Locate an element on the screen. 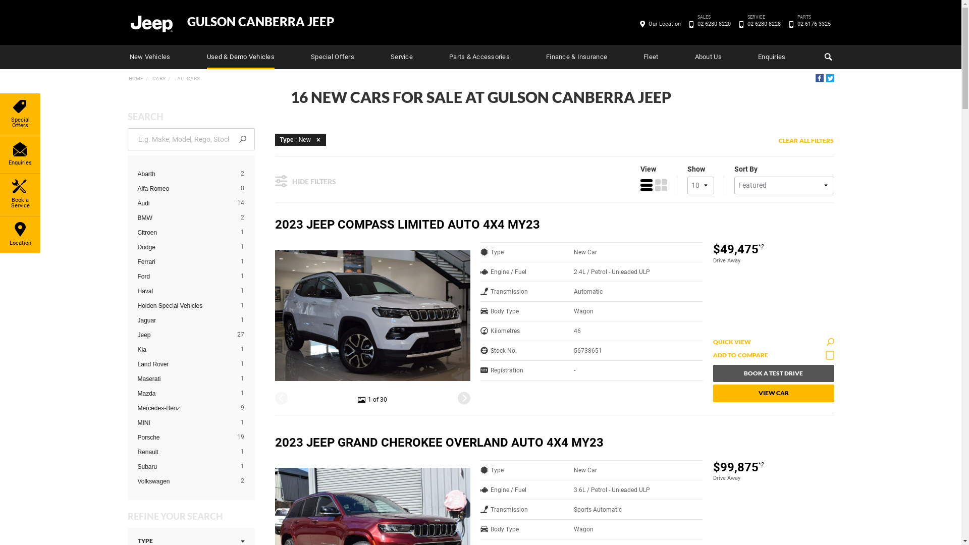  'Service' is located at coordinates (390, 57).